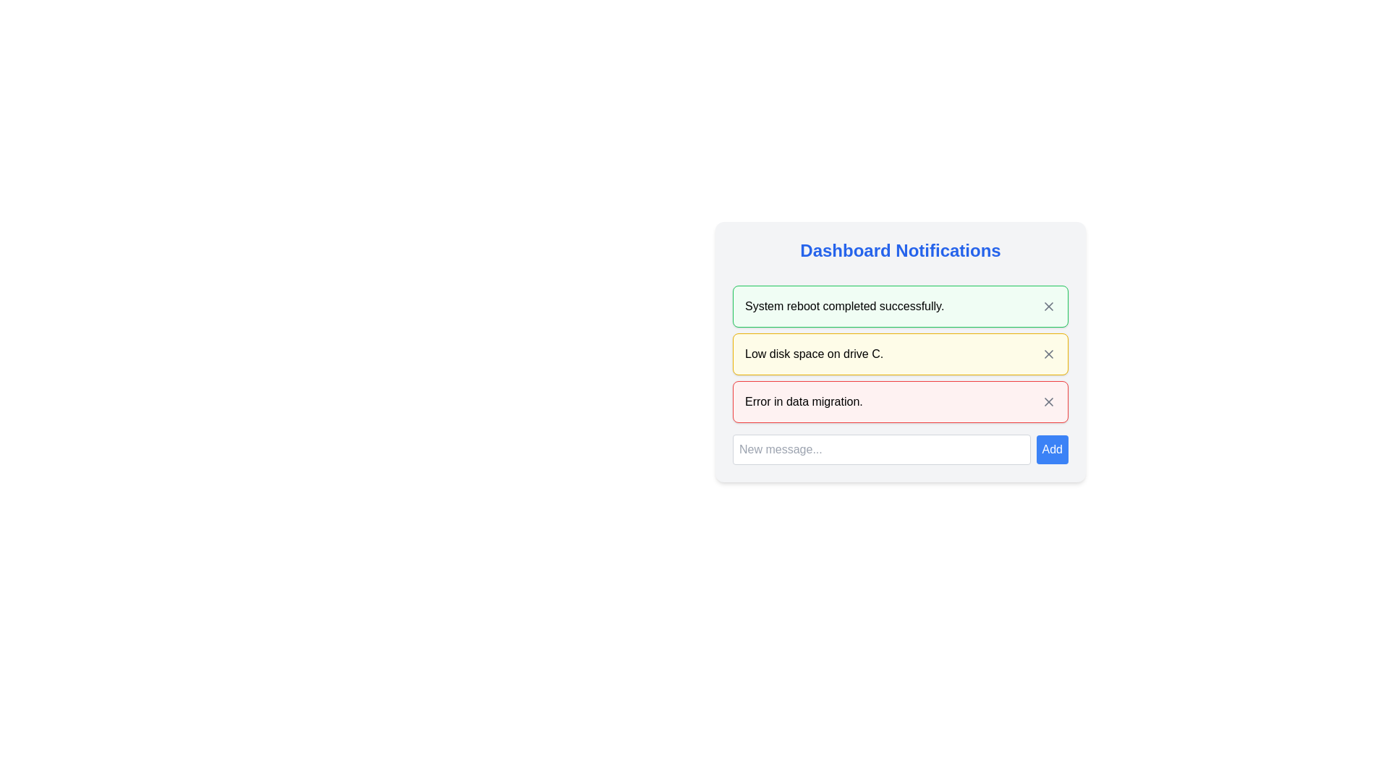  What do you see at coordinates (803, 401) in the screenshot?
I see `the text element displaying 'Error in data migration.' which is styled in black color against a light red background, located as the primary text content of the third notification block` at bounding box center [803, 401].